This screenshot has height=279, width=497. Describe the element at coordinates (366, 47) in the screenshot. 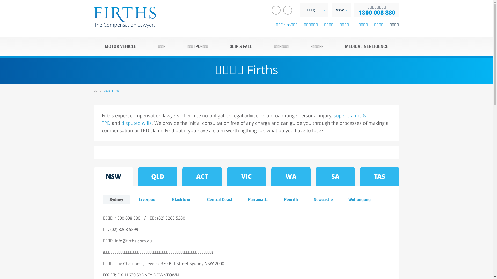

I see `'MEDICAL NEGLIGENCE'` at that location.